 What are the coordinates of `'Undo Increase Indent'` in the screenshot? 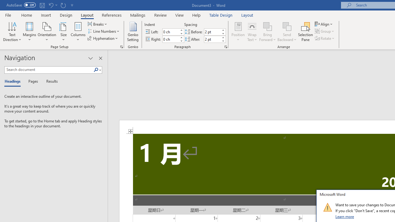 It's located at (51, 5).